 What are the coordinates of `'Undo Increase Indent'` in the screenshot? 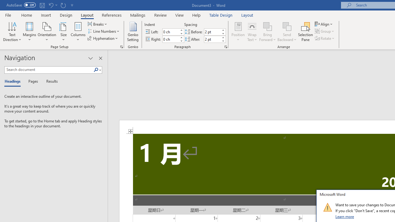 It's located at (51, 5).